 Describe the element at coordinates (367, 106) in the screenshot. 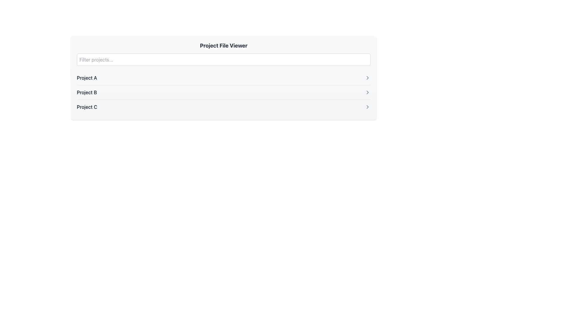

I see `the right-pointing gray chevron icon located to the right of the text 'Project C'` at that location.